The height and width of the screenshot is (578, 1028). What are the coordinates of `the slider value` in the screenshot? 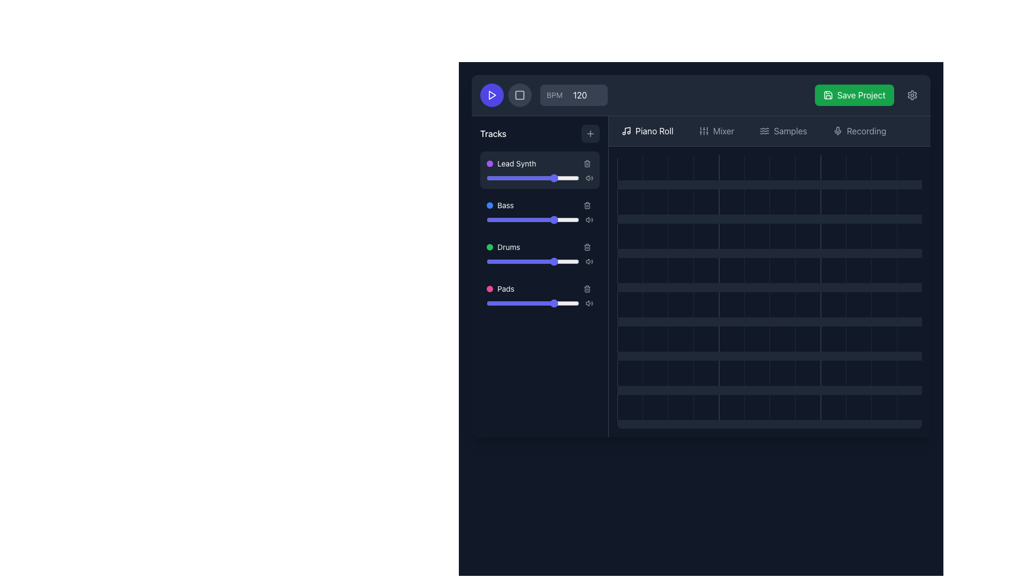 It's located at (570, 262).